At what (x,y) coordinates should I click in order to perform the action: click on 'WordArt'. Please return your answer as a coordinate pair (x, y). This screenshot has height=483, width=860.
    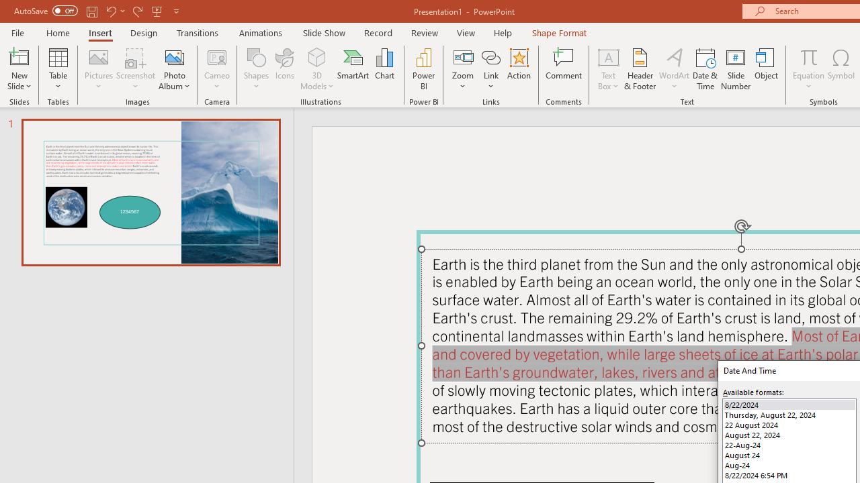
    Looking at the image, I should click on (675, 69).